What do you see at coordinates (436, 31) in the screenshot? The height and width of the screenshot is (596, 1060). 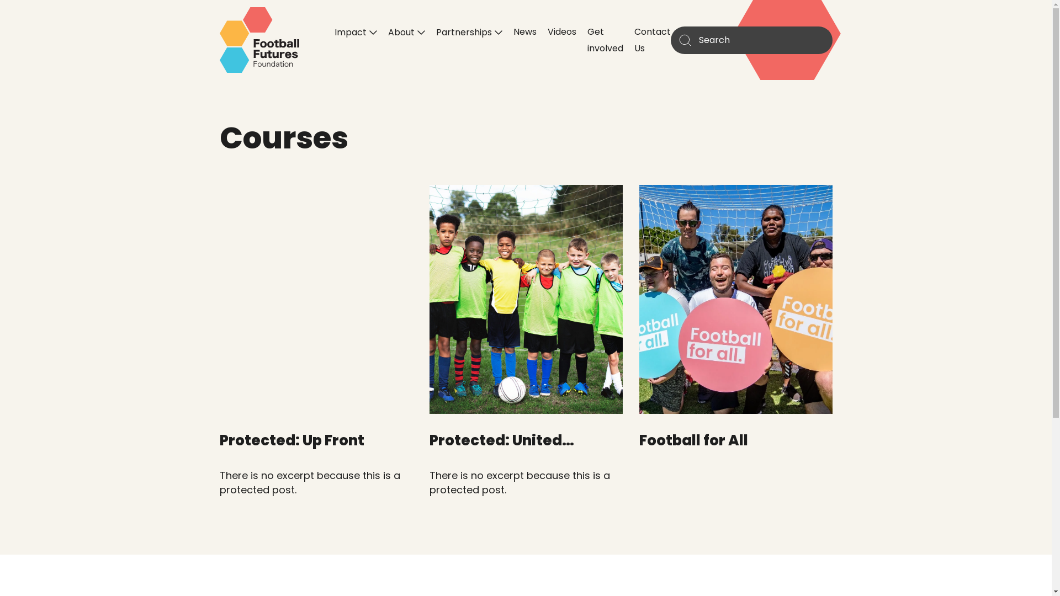 I see `'Partnerships'` at bounding box center [436, 31].